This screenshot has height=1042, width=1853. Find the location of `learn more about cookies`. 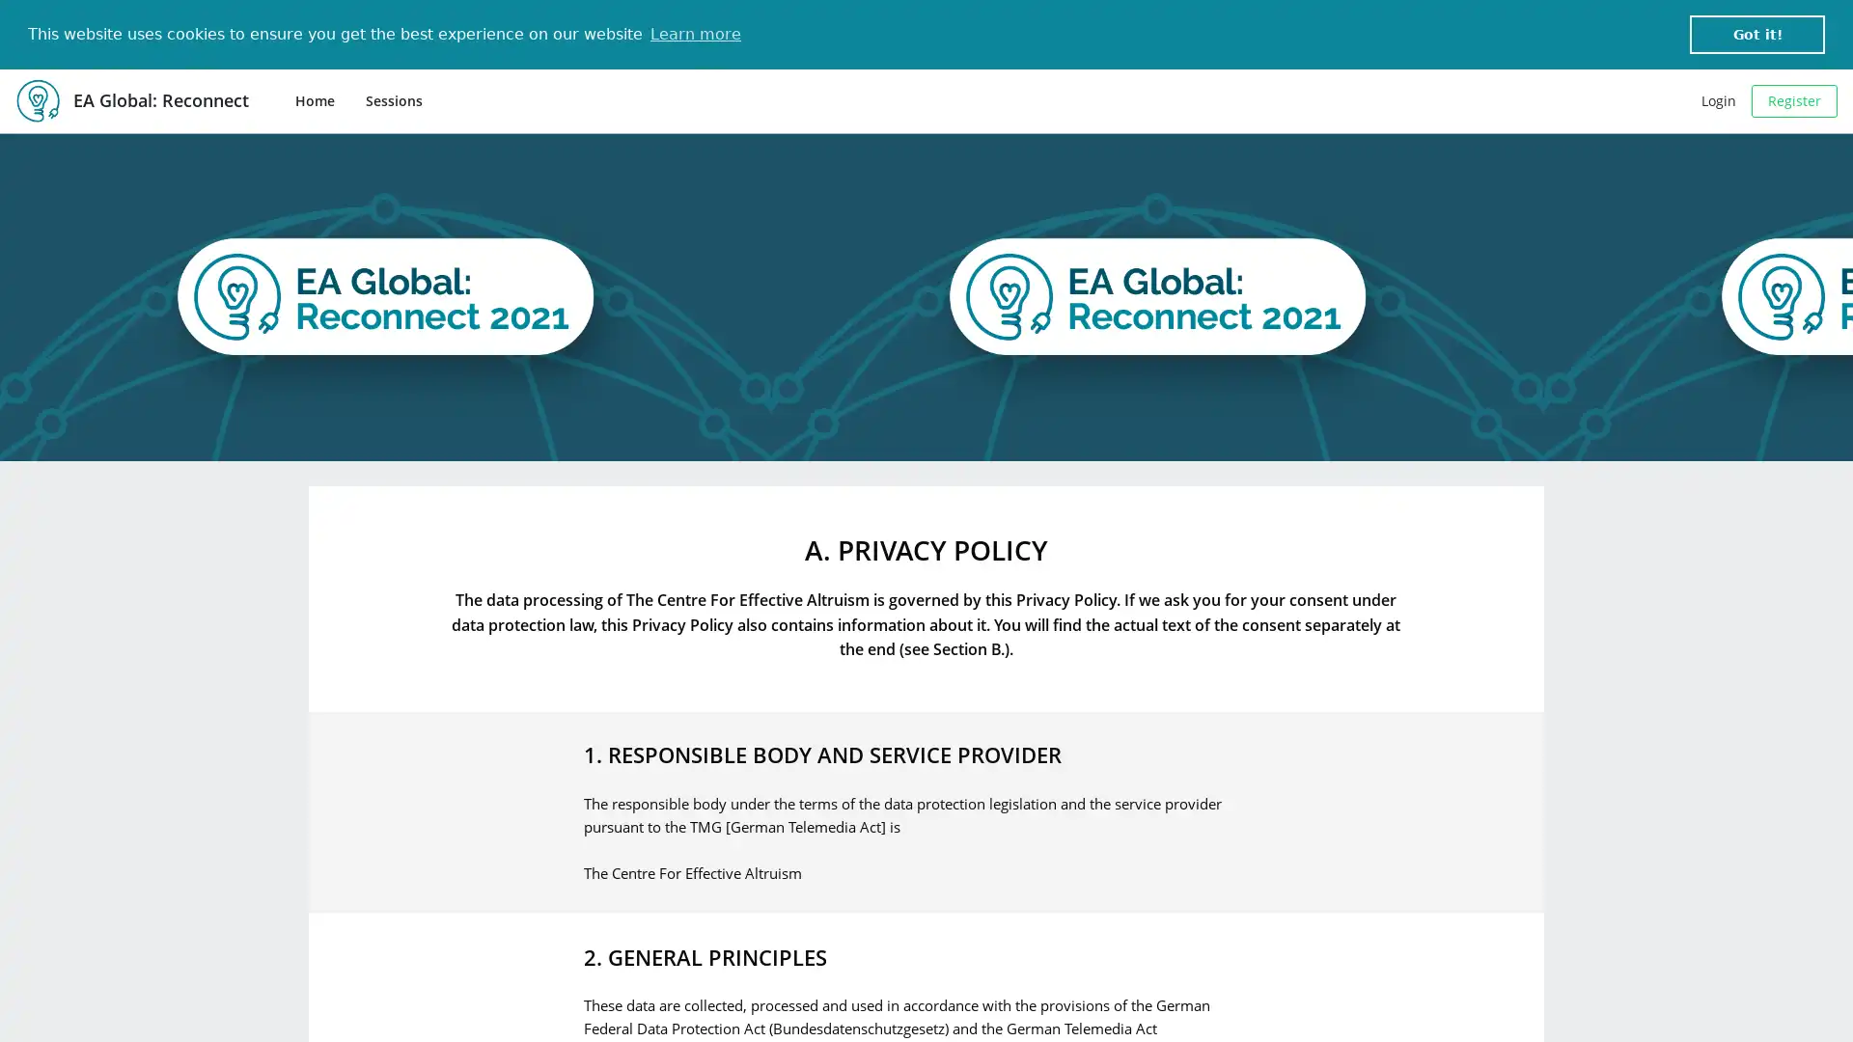

learn more about cookies is located at coordinates (695, 33).